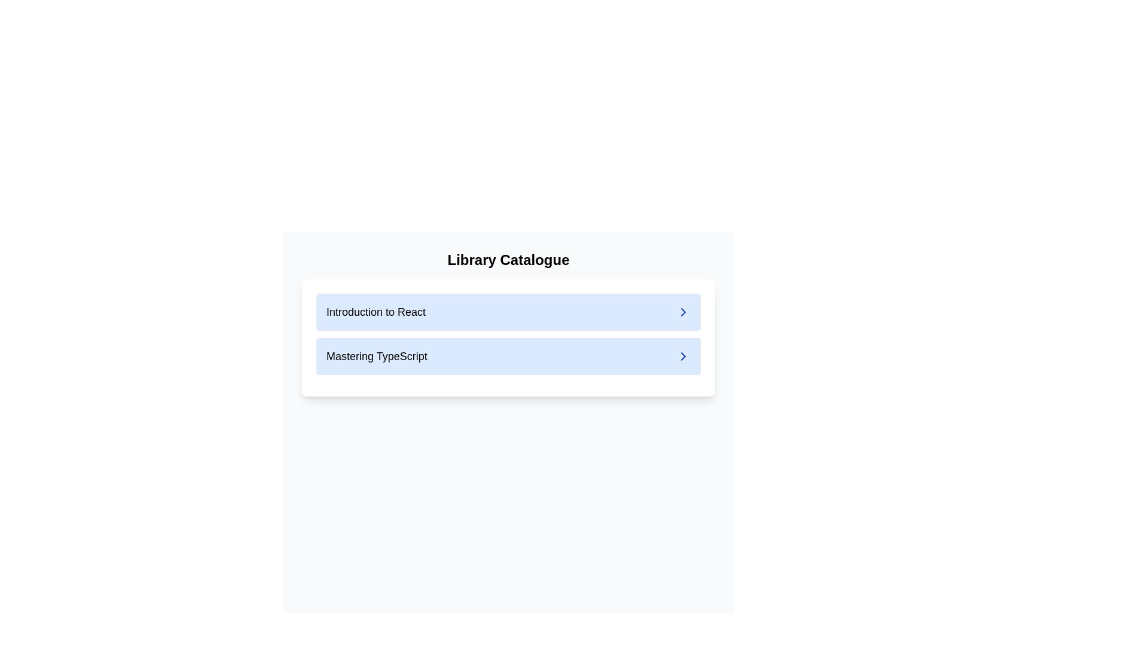  What do you see at coordinates (508, 260) in the screenshot?
I see `centered, bold text titled 'Library Catalogue' that is positioned above the list of items` at bounding box center [508, 260].